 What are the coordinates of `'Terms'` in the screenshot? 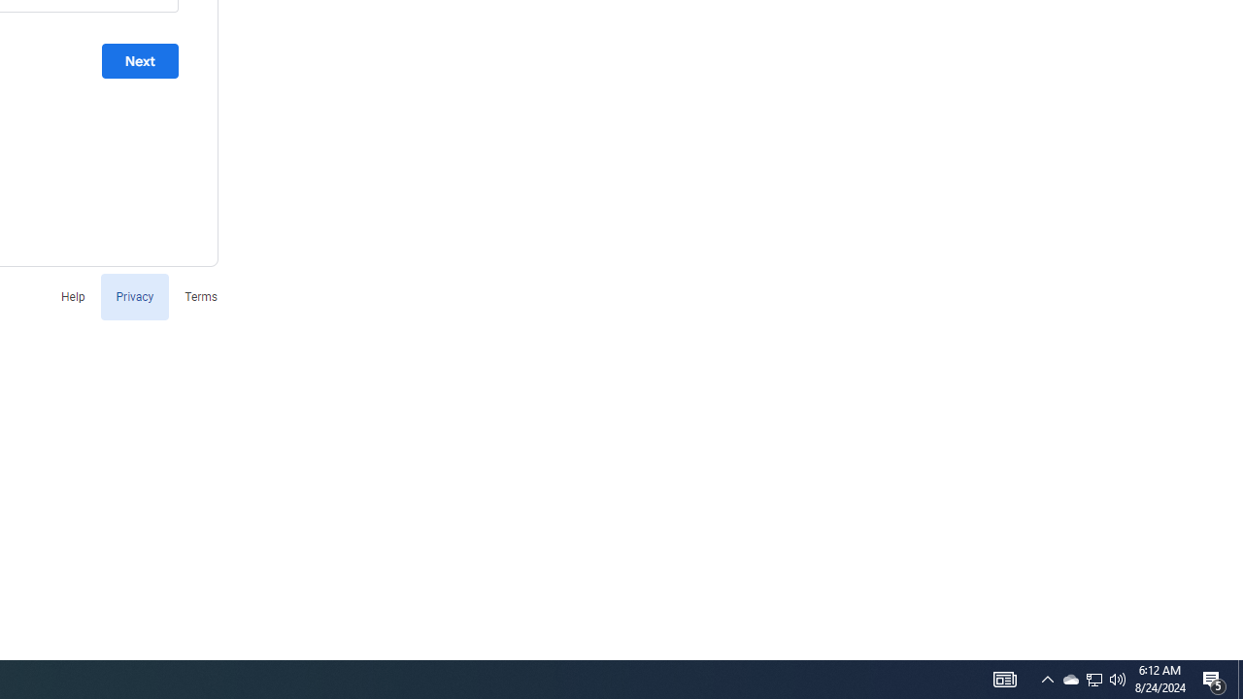 It's located at (201, 296).